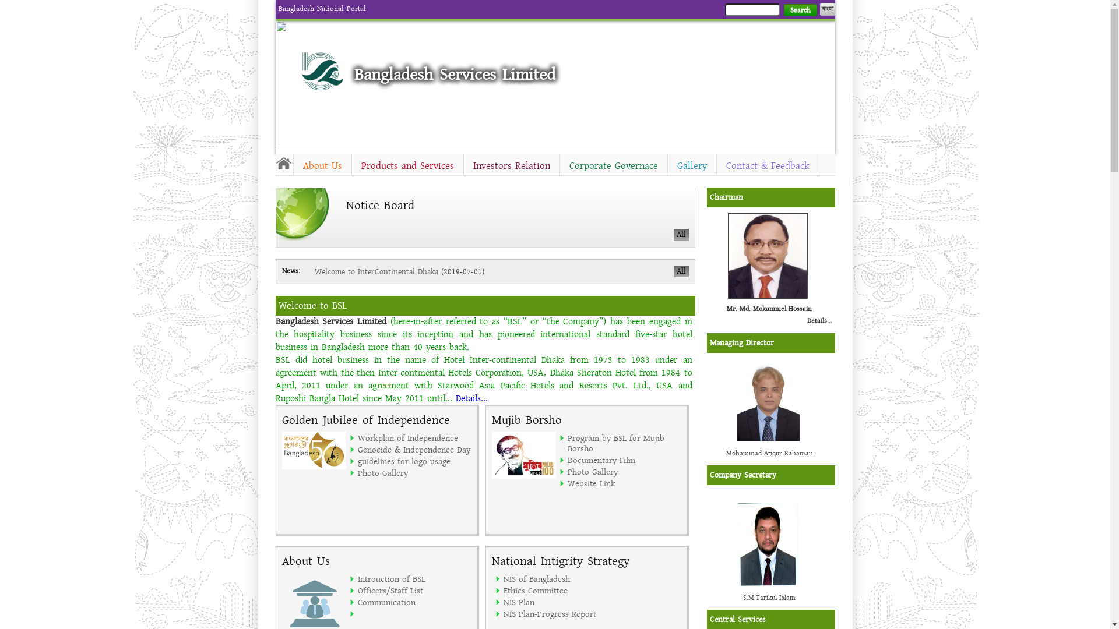  What do you see at coordinates (357, 602) in the screenshot?
I see `'Communication'` at bounding box center [357, 602].